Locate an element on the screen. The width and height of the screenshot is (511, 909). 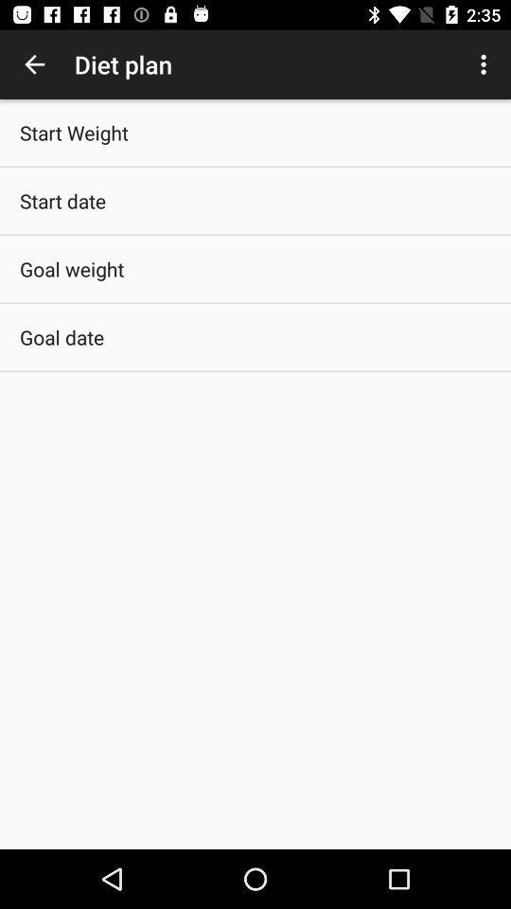
goal date icon is located at coordinates (62, 337).